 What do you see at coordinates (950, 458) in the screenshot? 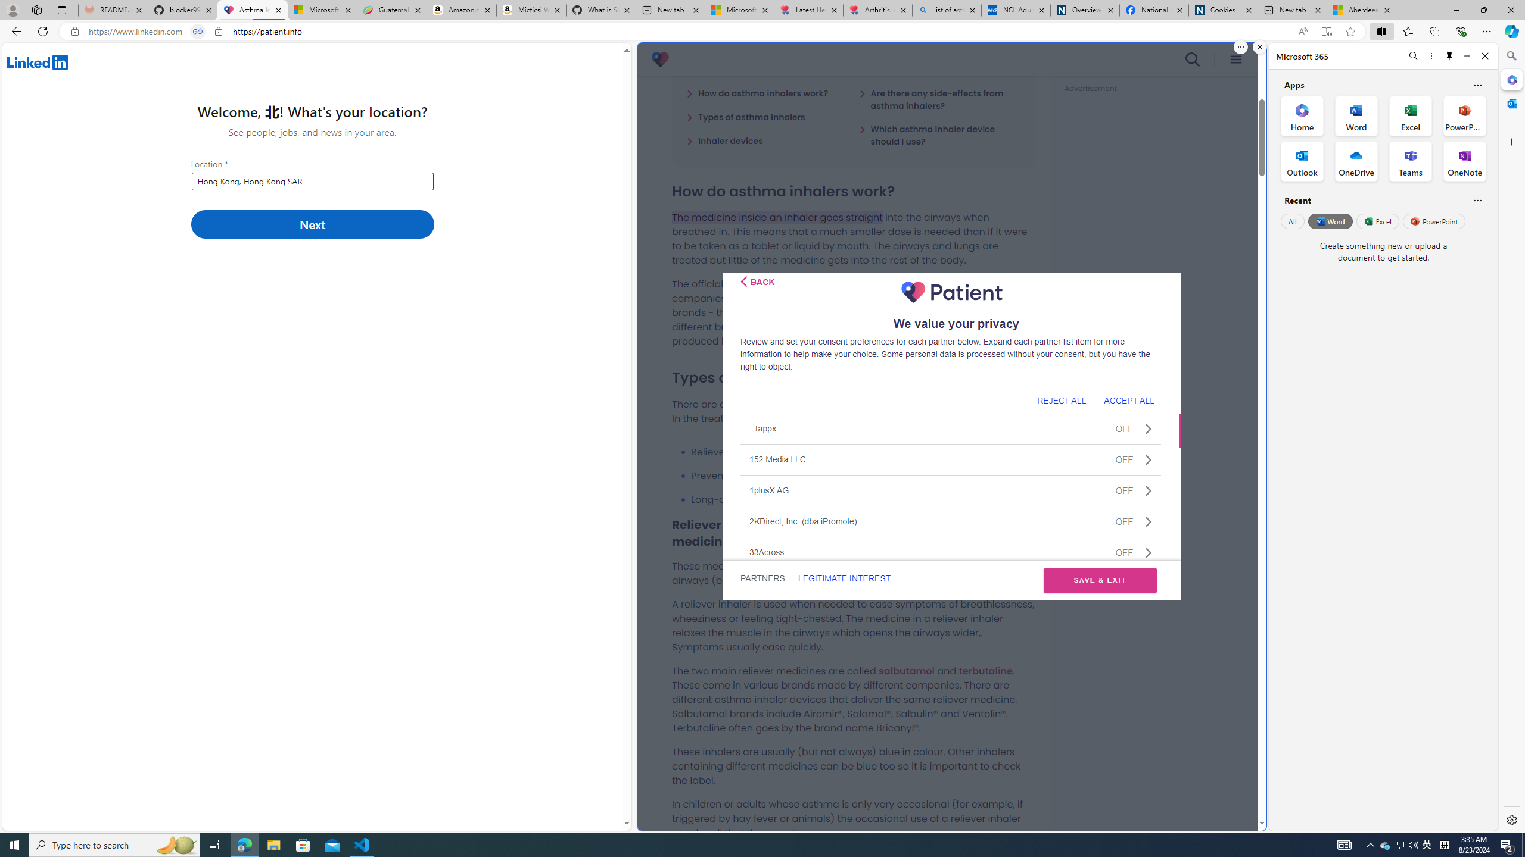
I see `'152 Media LLCOFF'` at bounding box center [950, 458].